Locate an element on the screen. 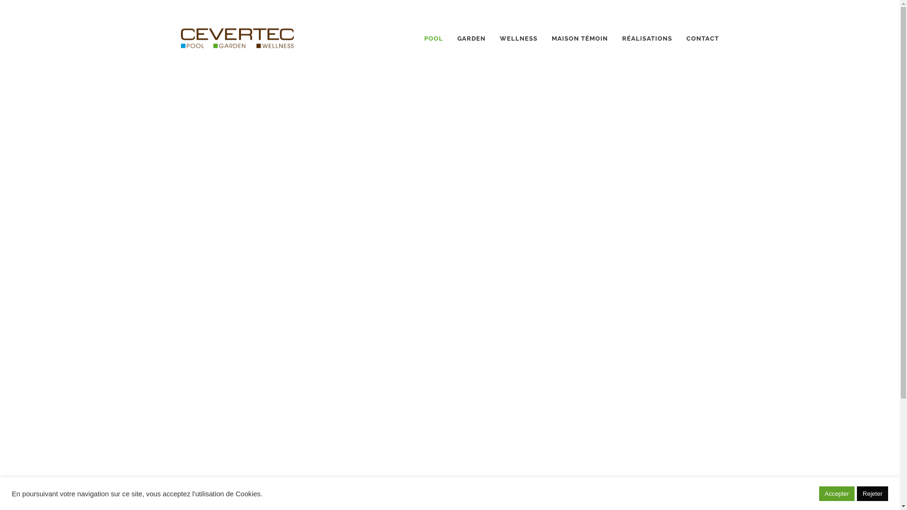  'GARDEN' is located at coordinates (471, 38).